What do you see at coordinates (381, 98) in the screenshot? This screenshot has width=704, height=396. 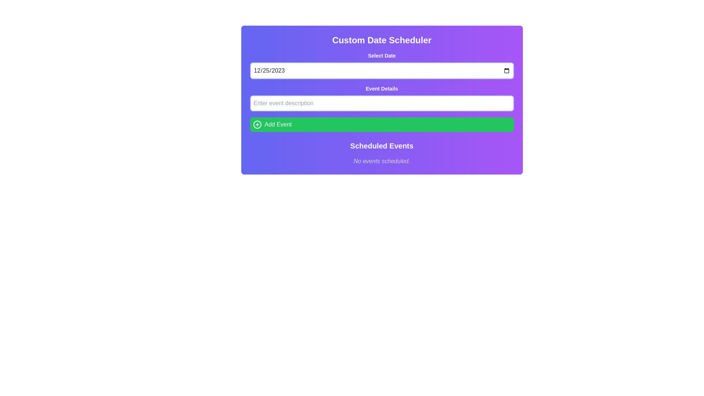 I see `the text input field for entering event details, which is located below the 'Select Date' input field and above the 'Add Event' button, to focus on it` at bounding box center [381, 98].